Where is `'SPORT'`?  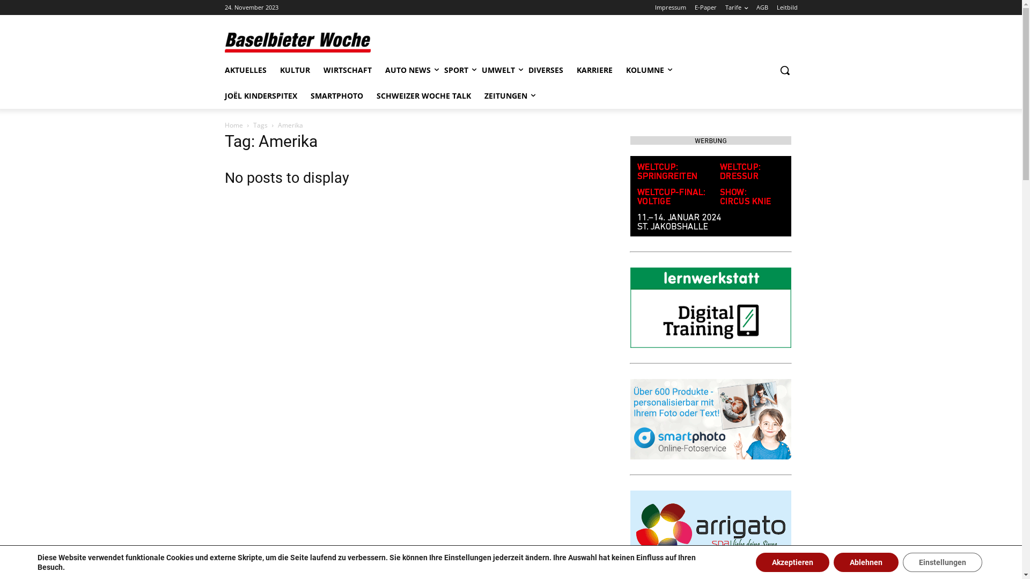 'SPORT' is located at coordinates (456, 70).